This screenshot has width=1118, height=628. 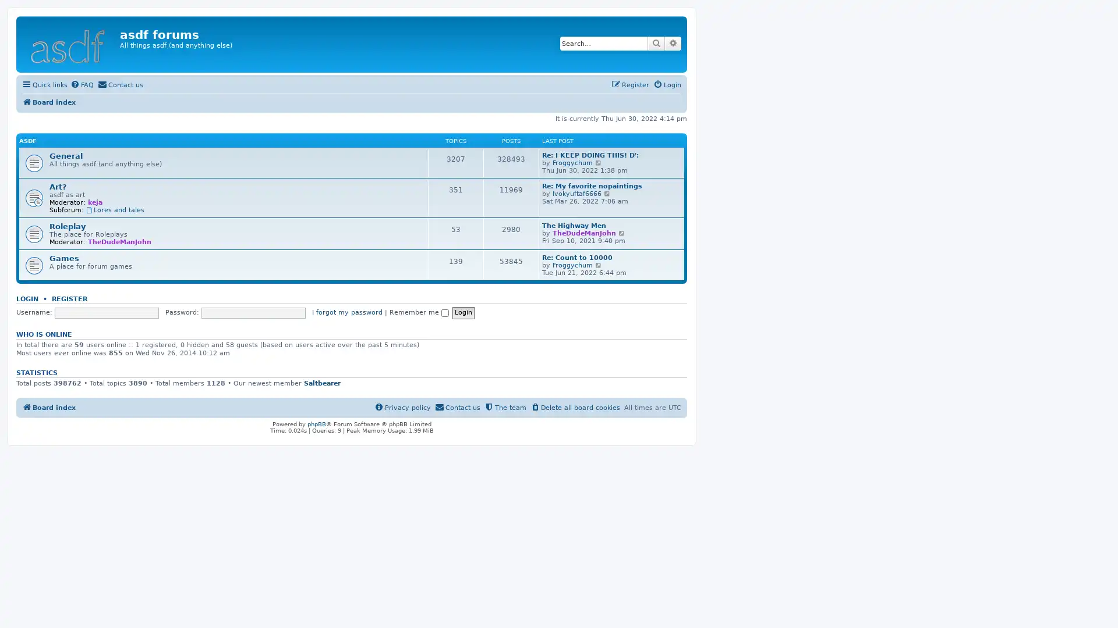 I want to click on Login, so click(x=462, y=312).